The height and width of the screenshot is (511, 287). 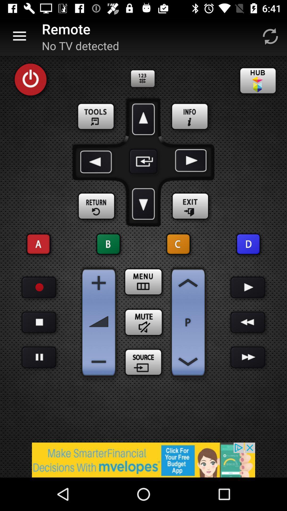 What do you see at coordinates (248, 322) in the screenshot?
I see `go back` at bounding box center [248, 322].